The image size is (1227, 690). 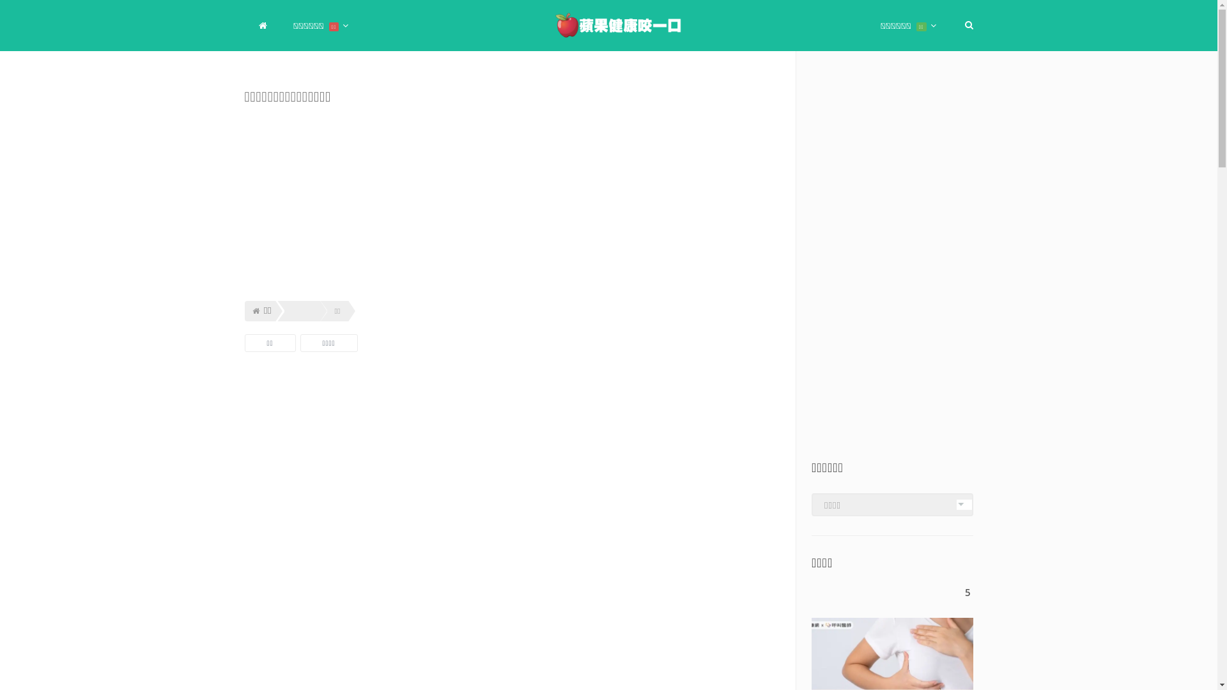 What do you see at coordinates (512, 605) in the screenshot?
I see `'Advertisement'` at bounding box center [512, 605].